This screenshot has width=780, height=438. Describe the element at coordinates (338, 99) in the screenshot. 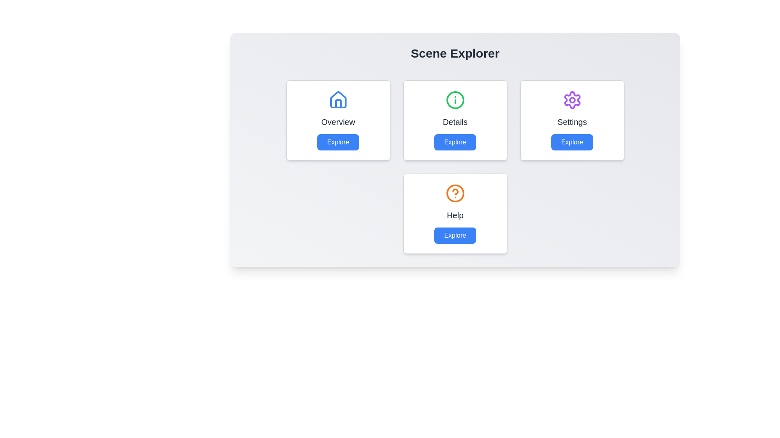

I see `the 'Overview' SVG icon located at the top-left position of the grid layout` at that location.